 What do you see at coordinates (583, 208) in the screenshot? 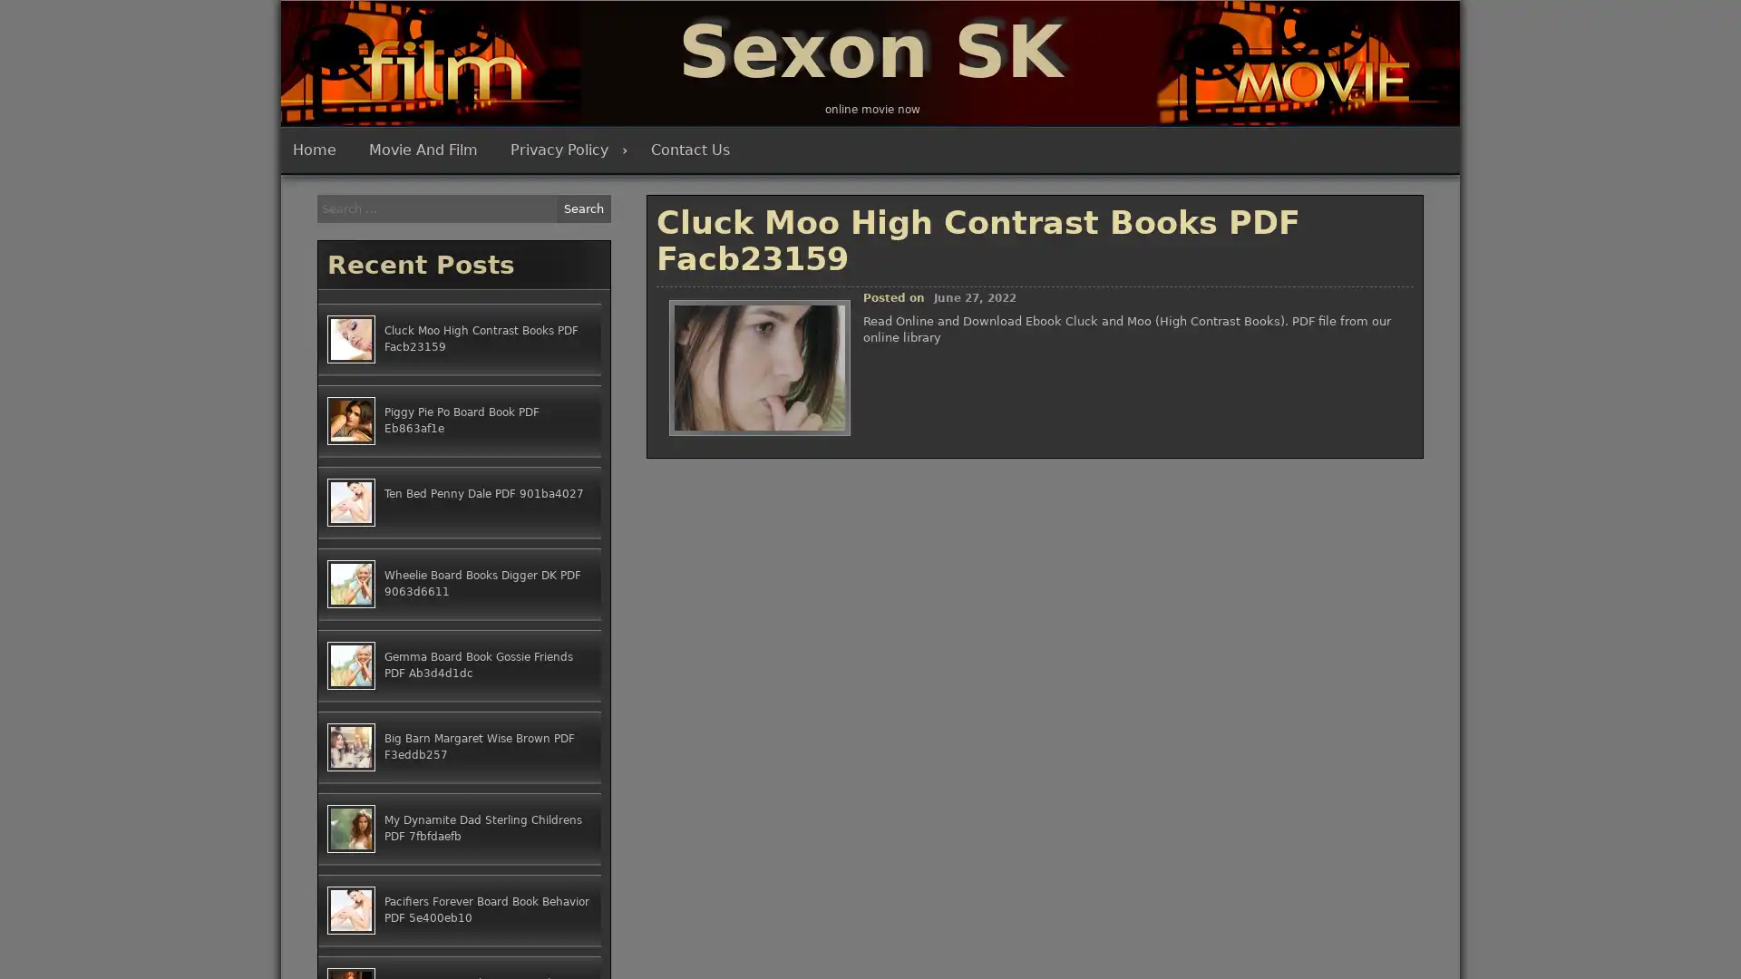
I see `Search` at bounding box center [583, 208].